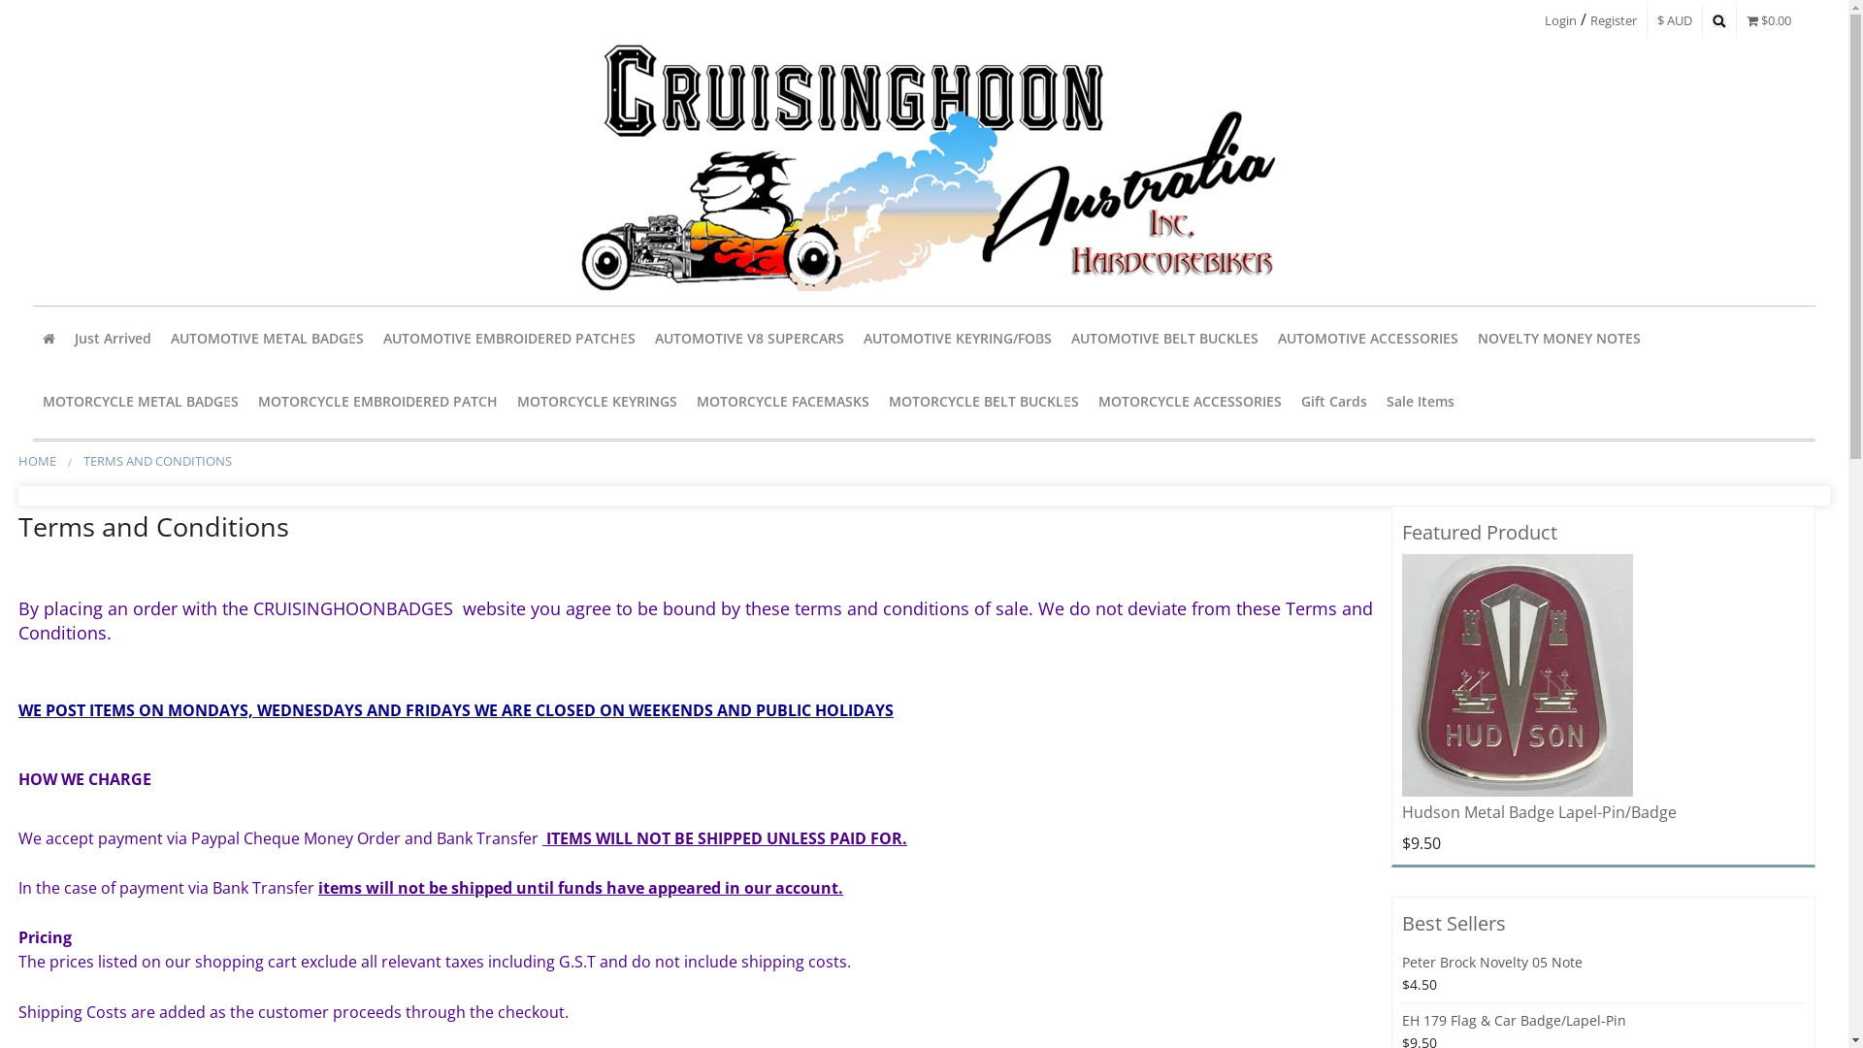 The image size is (1863, 1048). Describe the element at coordinates (139, 400) in the screenshot. I see `'MOTORCYCLE METAL BADGES'` at that location.